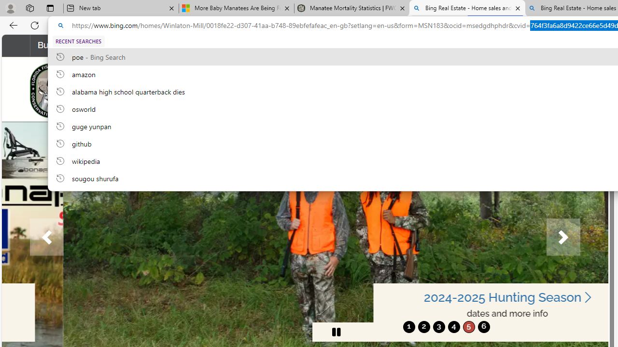 The height and width of the screenshot is (347, 618). Describe the element at coordinates (424, 326) in the screenshot. I see `'2'` at that location.